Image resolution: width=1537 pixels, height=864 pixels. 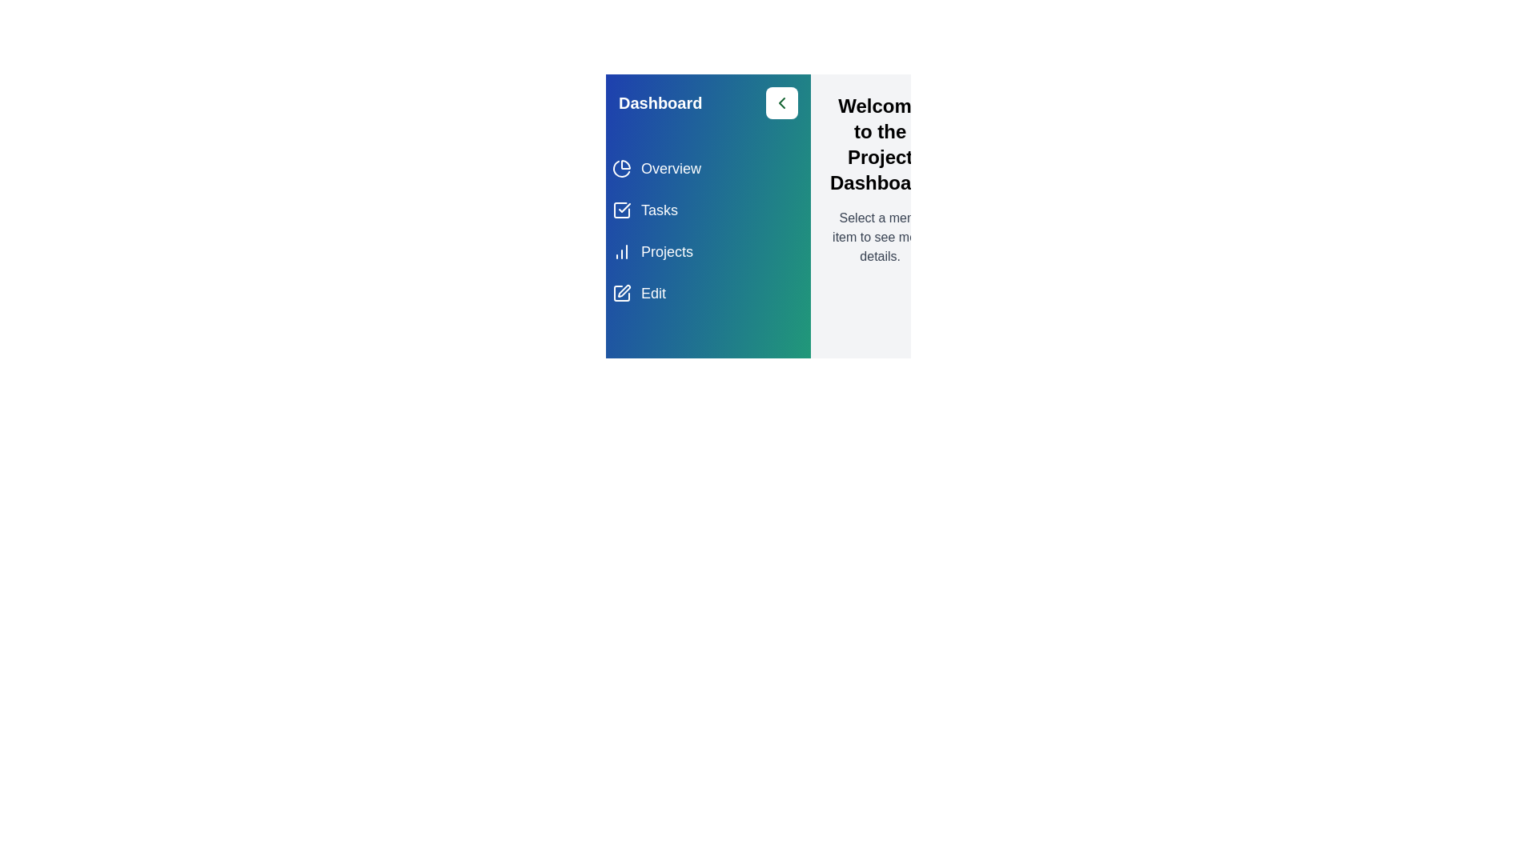 What do you see at coordinates (707, 169) in the screenshot?
I see `the menu item Overview from the list` at bounding box center [707, 169].